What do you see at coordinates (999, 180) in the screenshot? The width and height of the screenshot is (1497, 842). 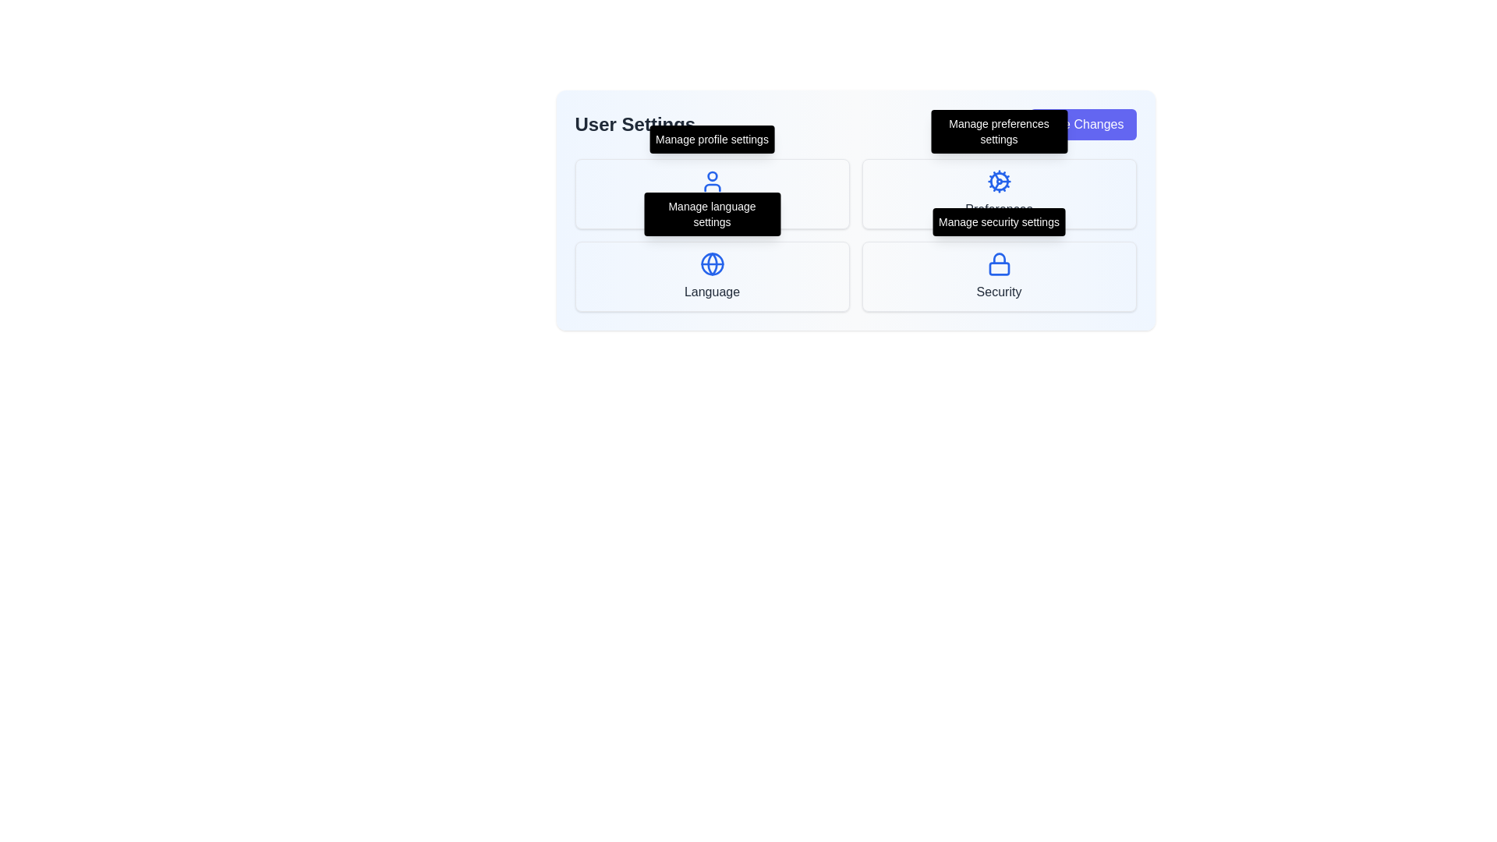 I see `the cogwheel icon with a blue outline located in the 'Preferences' section of the settings interface` at bounding box center [999, 180].